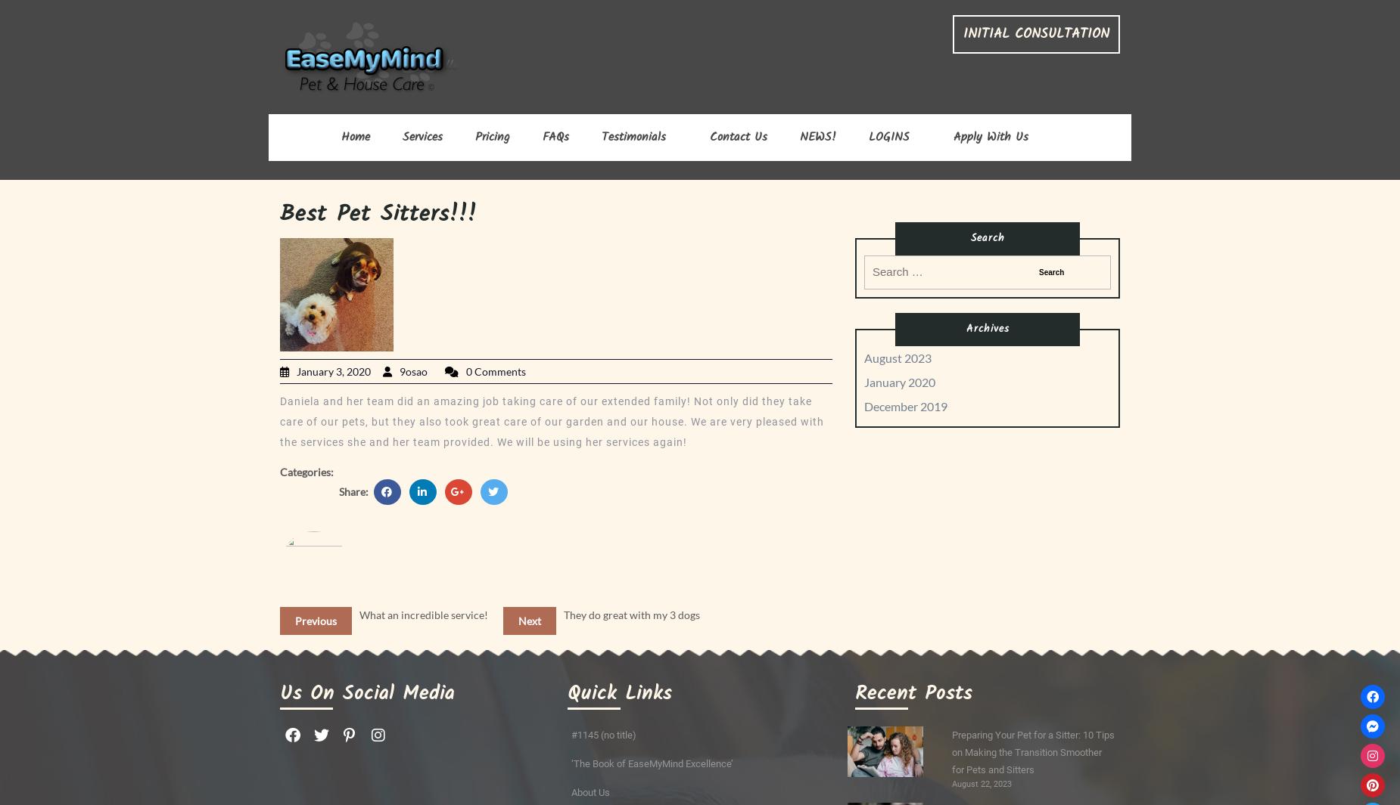 The height and width of the screenshot is (805, 1400). I want to click on 'Share:', so click(338, 491).